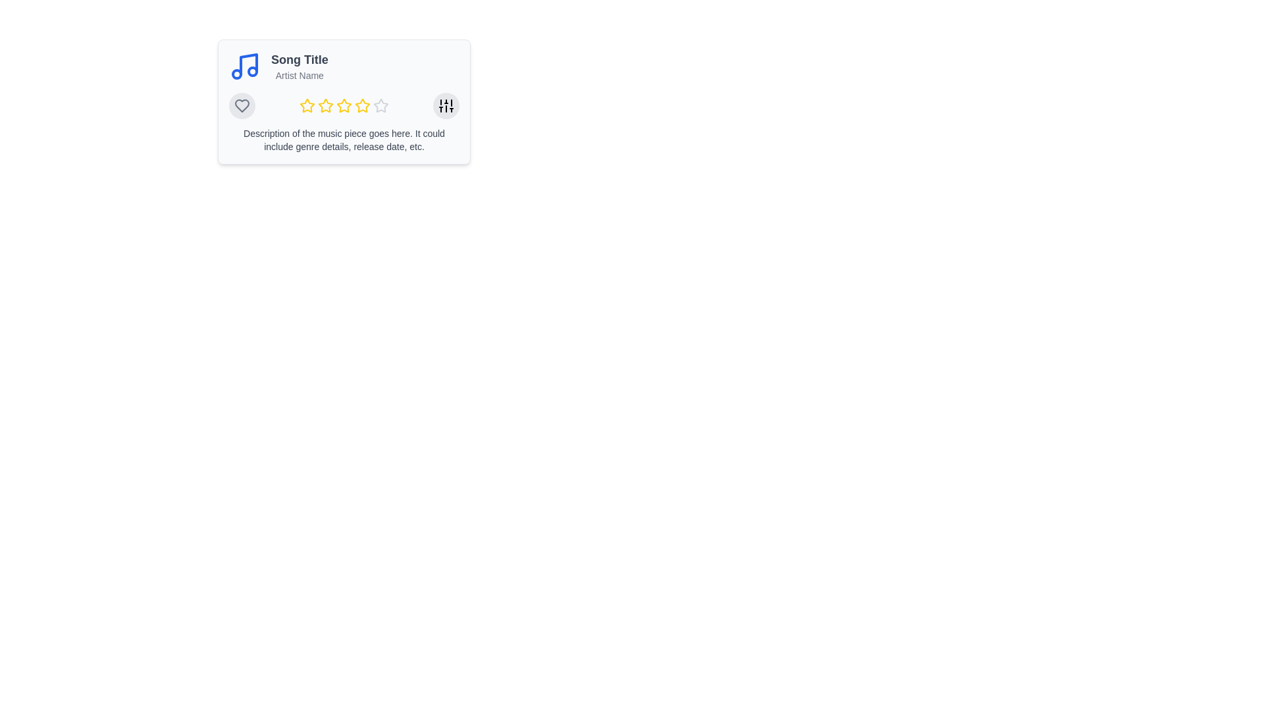  What do you see at coordinates (325, 105) in the screenshot?
I see `the second yellow outlined star icon in the rating system located under the title and artist name section of the song card layout` at bounding box center [325, 105].